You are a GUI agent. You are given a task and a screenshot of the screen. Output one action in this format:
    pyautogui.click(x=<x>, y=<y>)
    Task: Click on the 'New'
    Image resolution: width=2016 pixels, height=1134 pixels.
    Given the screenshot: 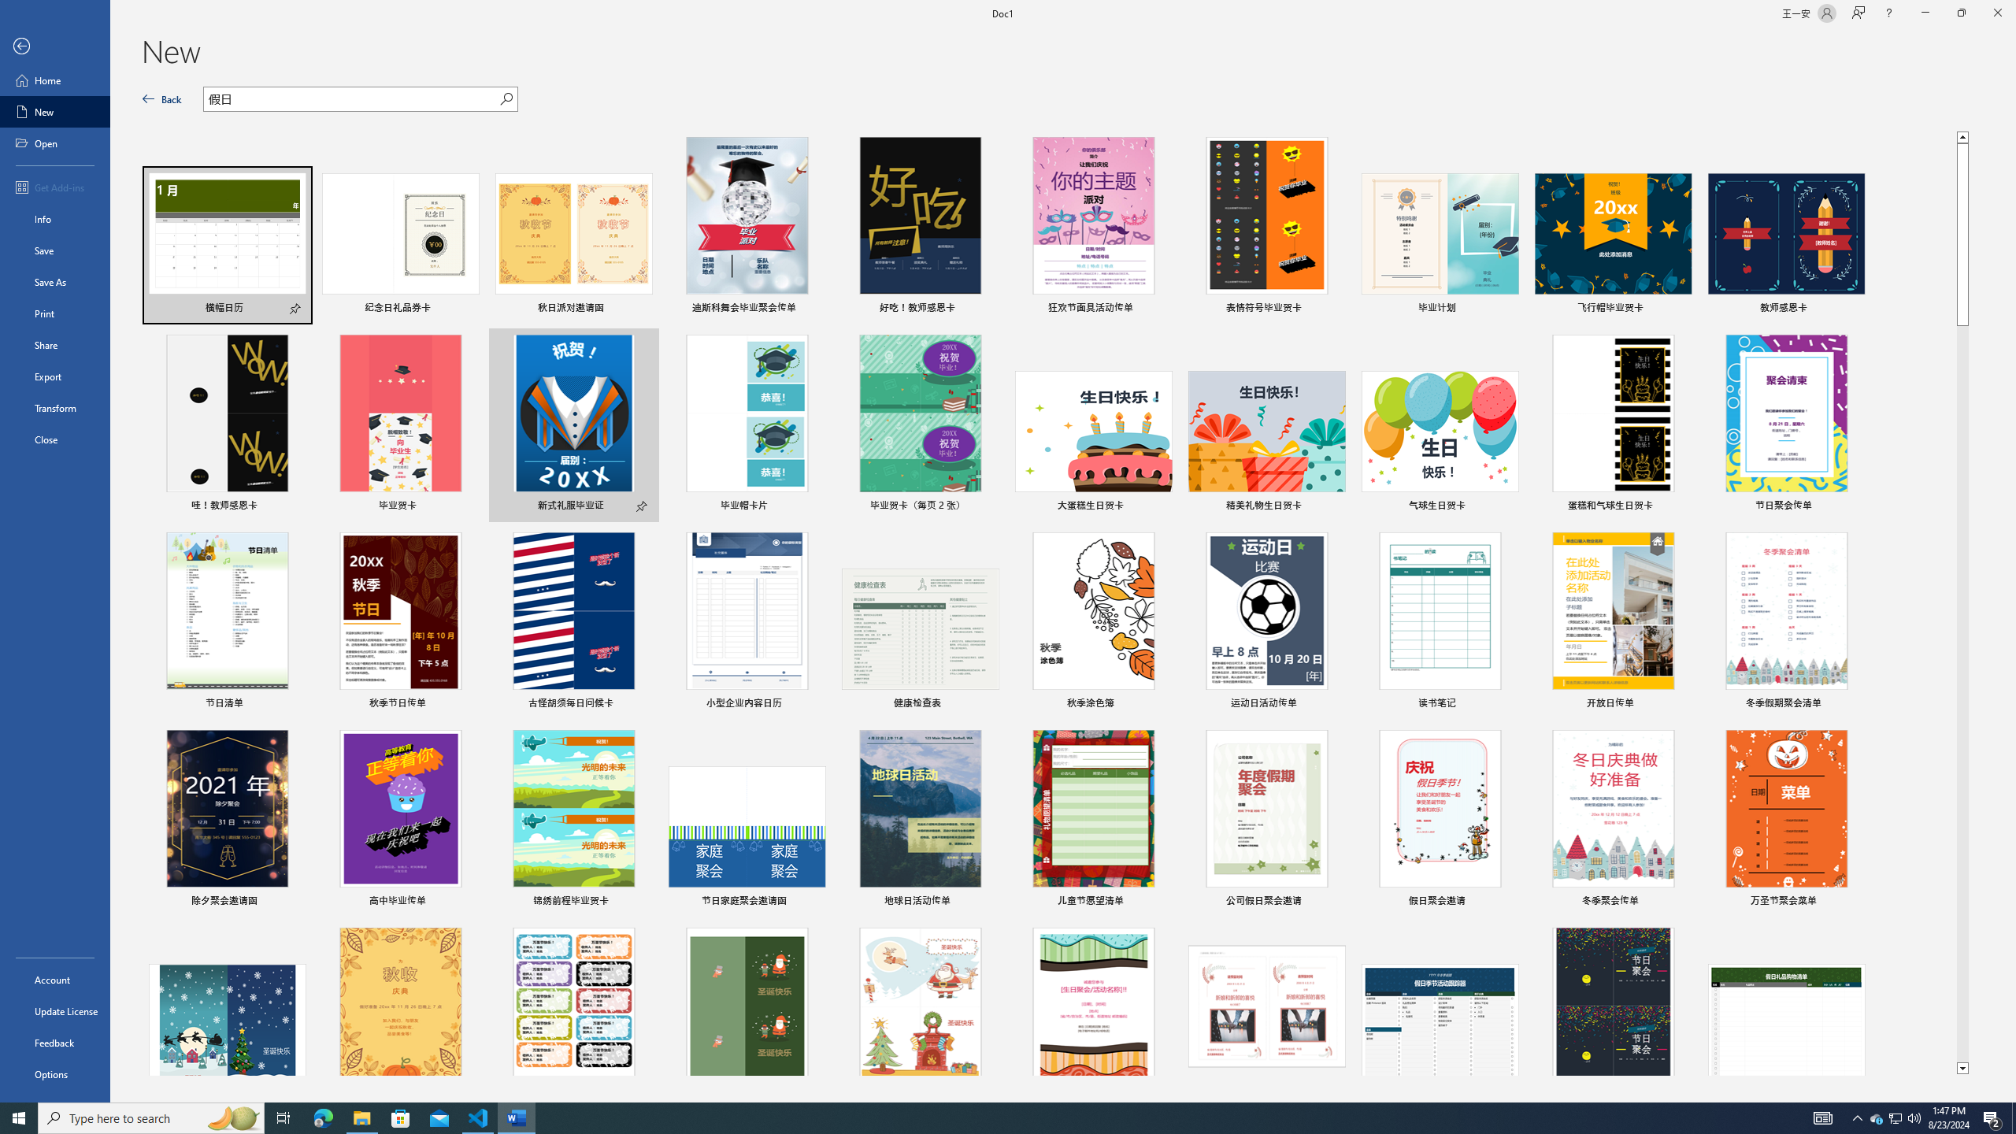 What is the action you would take?
    pyautogui.click(x=54, y=111)
    